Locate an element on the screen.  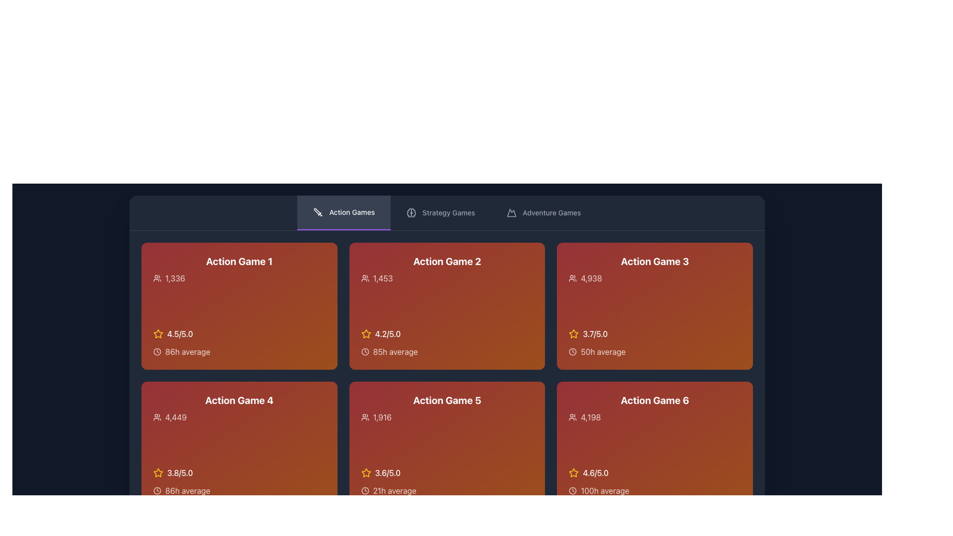
the text label displaying '100h average' styled with white text on a red background, located in the bottom-right corner of the red card layout for 'Action Game 6', positioned immediately to the right of the clock icon is located at coordinates (605, 490).